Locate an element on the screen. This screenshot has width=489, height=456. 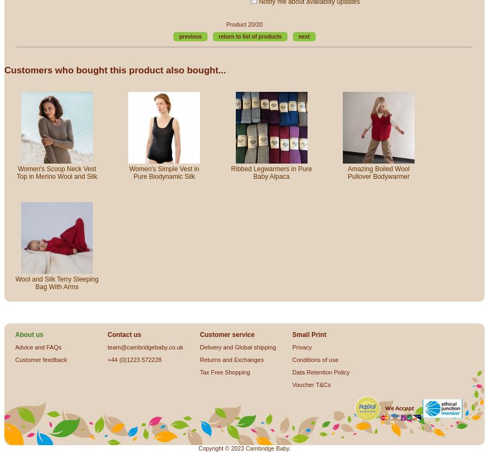
'Amazing Boiled Wool Pullover Bodywarmer' is located at coordinates (378, 172).